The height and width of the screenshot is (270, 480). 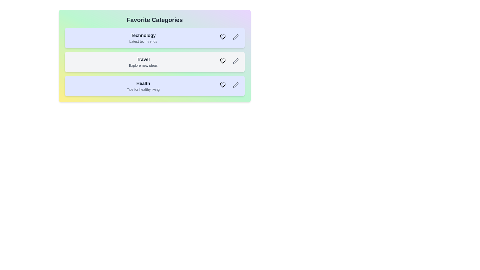 I want to click on the heart icon button to toggle the favorite status of the category Travel, so click(x=222, y=60).